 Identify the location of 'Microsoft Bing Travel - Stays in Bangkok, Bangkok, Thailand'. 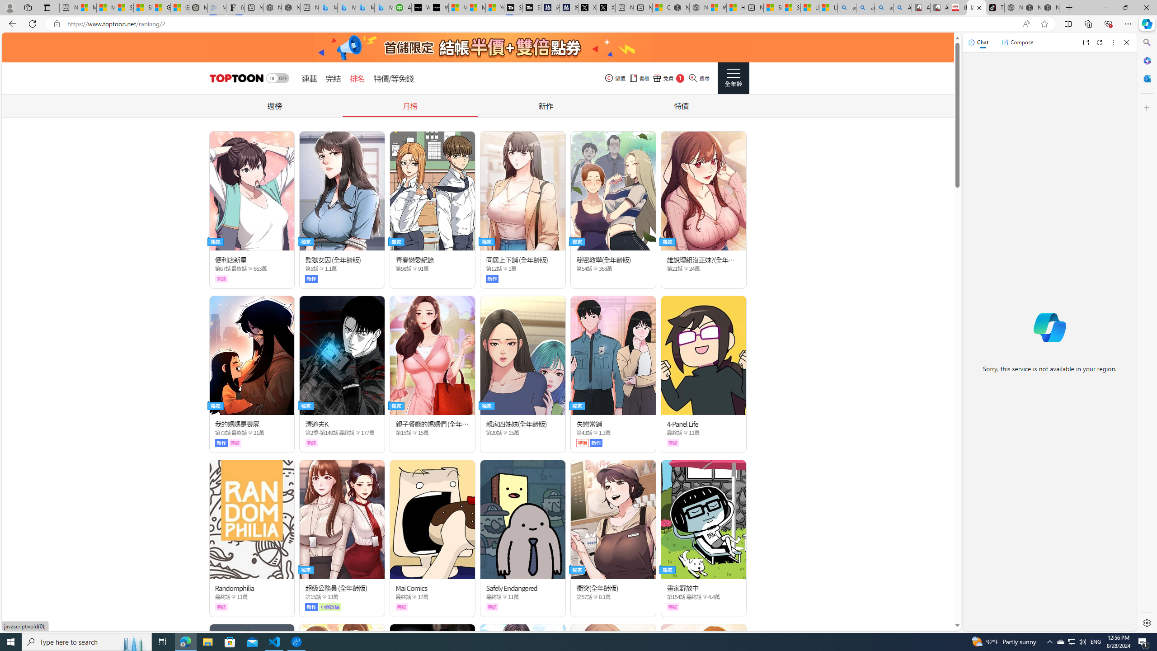
(346, 7).